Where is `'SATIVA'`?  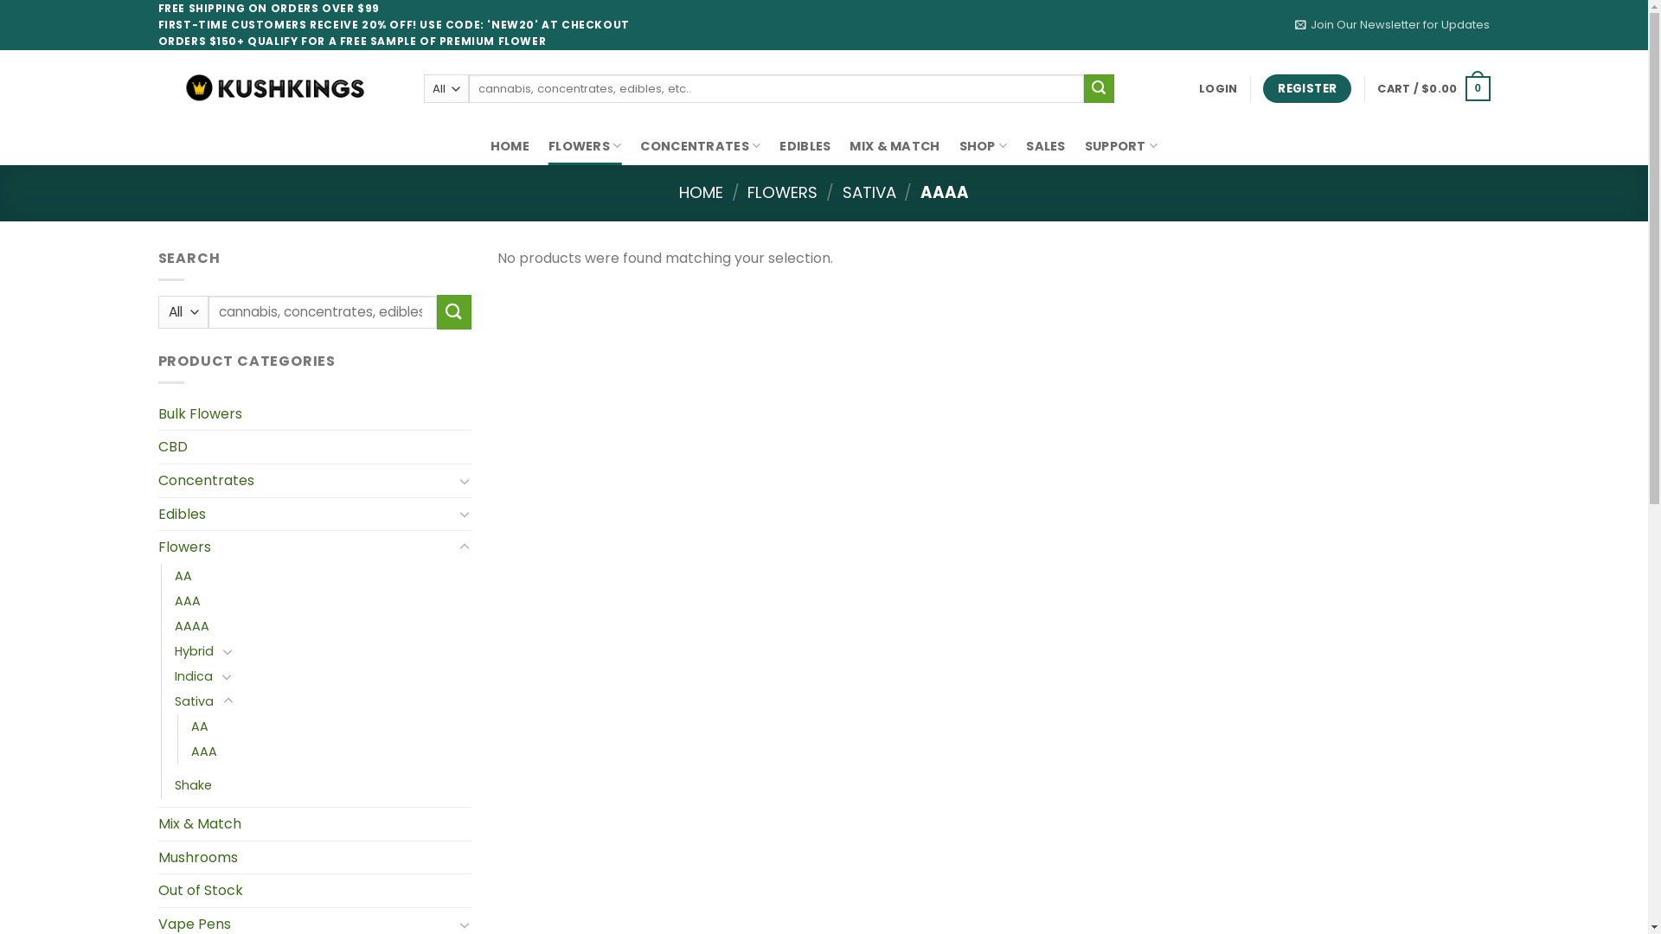 'SATIVA' is located at coordinates (869, 192).